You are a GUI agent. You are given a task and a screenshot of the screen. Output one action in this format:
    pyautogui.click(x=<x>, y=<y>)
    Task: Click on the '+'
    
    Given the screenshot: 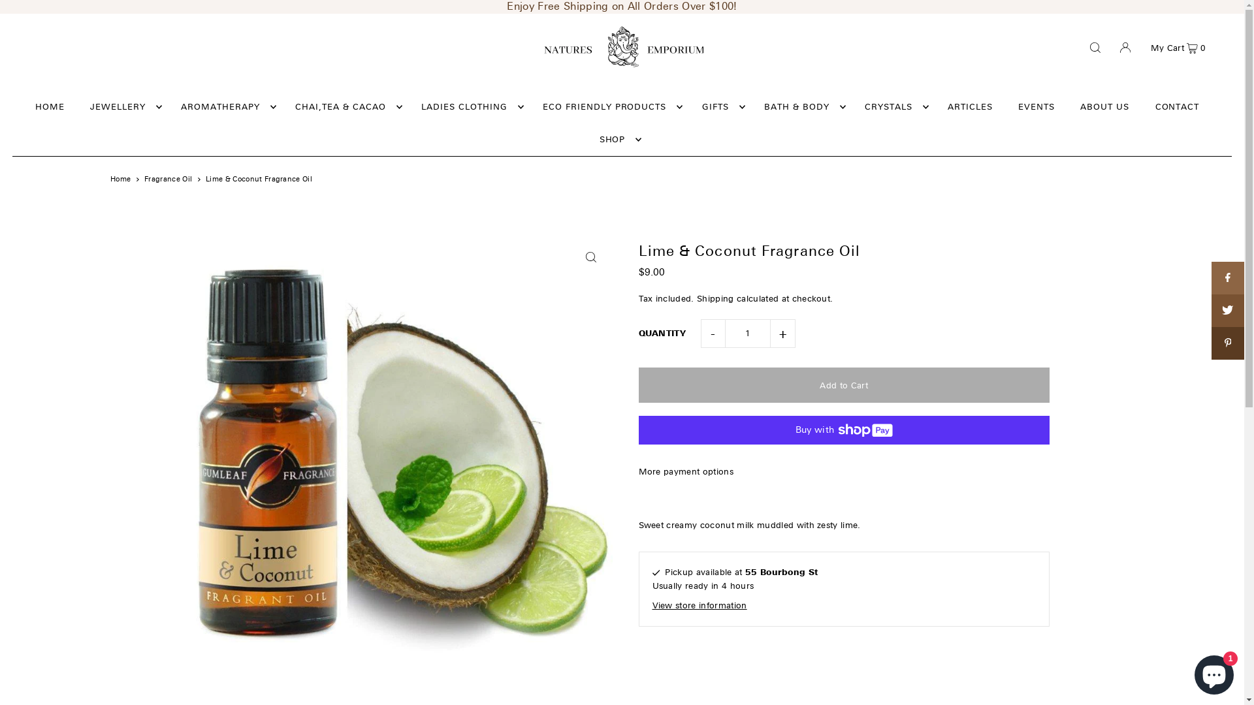 What is the action you would take?
    pyautogui.click(x=783, y=332)
    